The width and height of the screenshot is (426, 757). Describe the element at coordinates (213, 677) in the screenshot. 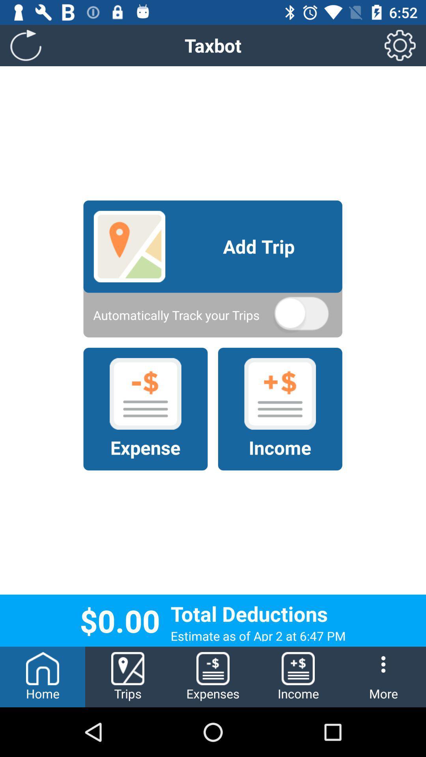

I see `the icon next to the income item` at that location.